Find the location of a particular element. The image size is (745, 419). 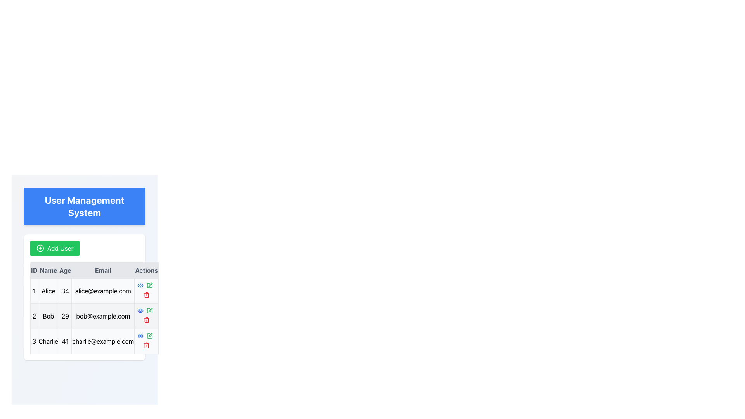

the 'view' icon in the 'Actions' column for user 'Bob' in the User Management System is located at coordinates (140, 336).